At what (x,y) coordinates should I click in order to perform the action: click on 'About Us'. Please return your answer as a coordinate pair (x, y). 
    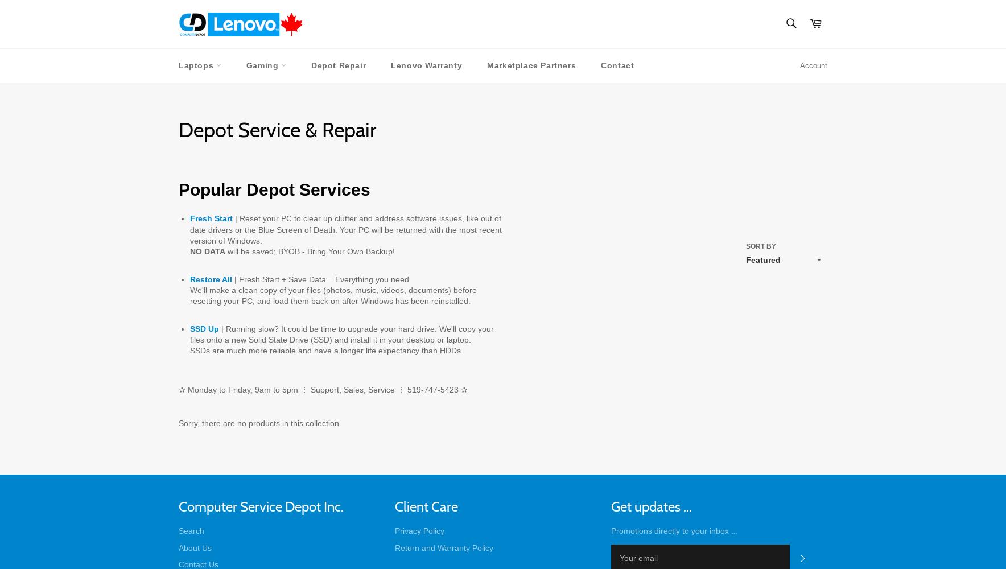
    Looking at the image, I should click on (195, 547).